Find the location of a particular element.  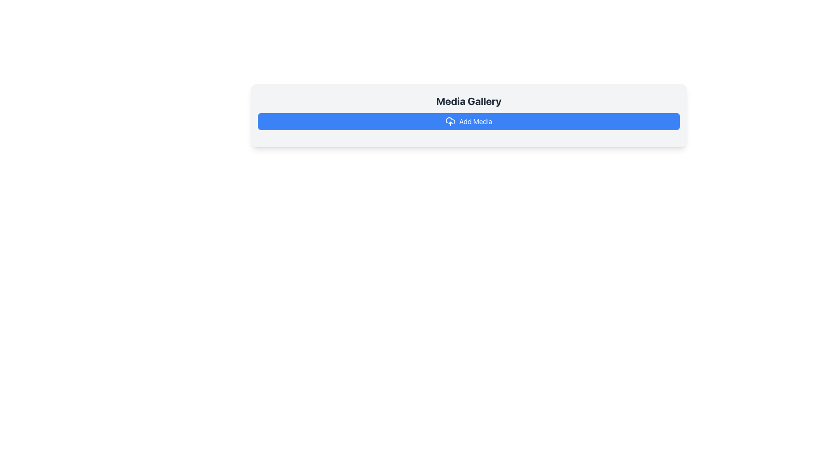

the 'Add Media' button which includes a cloud icon with an upward arrow, positioned to the left of the button's text is located at coordinates (450, 121).